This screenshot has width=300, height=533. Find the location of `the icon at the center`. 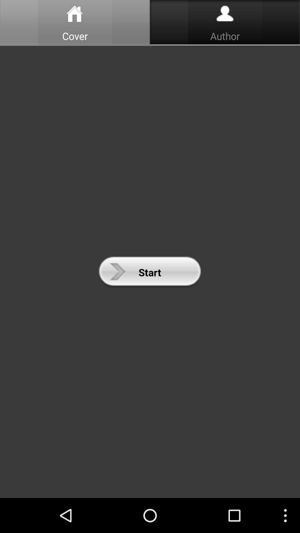

the icon at the center is located at coordinates (149, 272).